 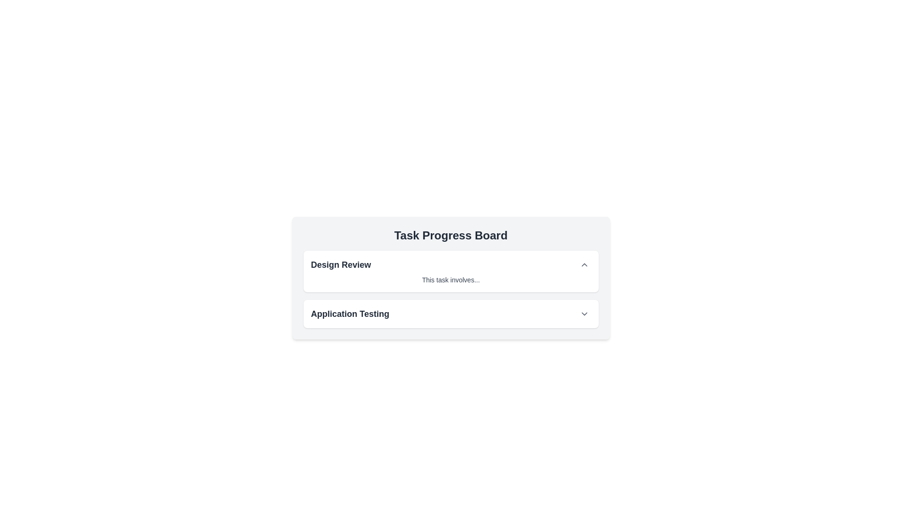 I want to click on the button located at the right end of the 'Design Review' section, so click(x=584, y=264).